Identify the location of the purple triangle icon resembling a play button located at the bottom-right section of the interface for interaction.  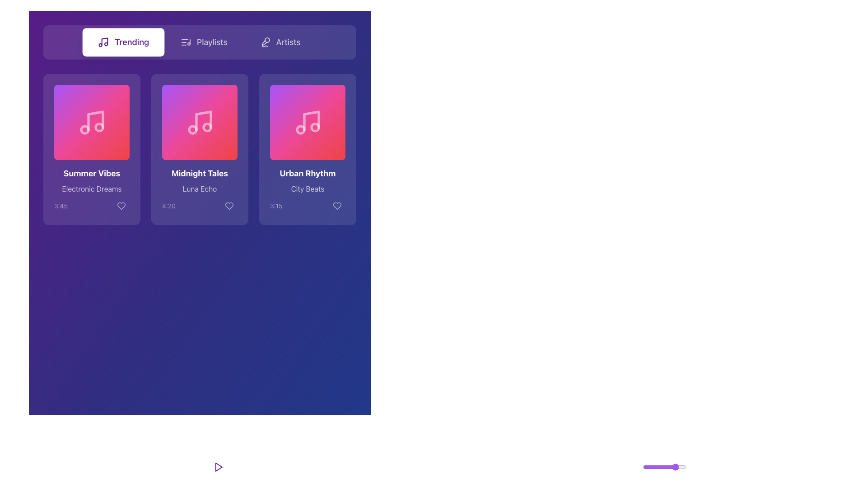
(219, 467).